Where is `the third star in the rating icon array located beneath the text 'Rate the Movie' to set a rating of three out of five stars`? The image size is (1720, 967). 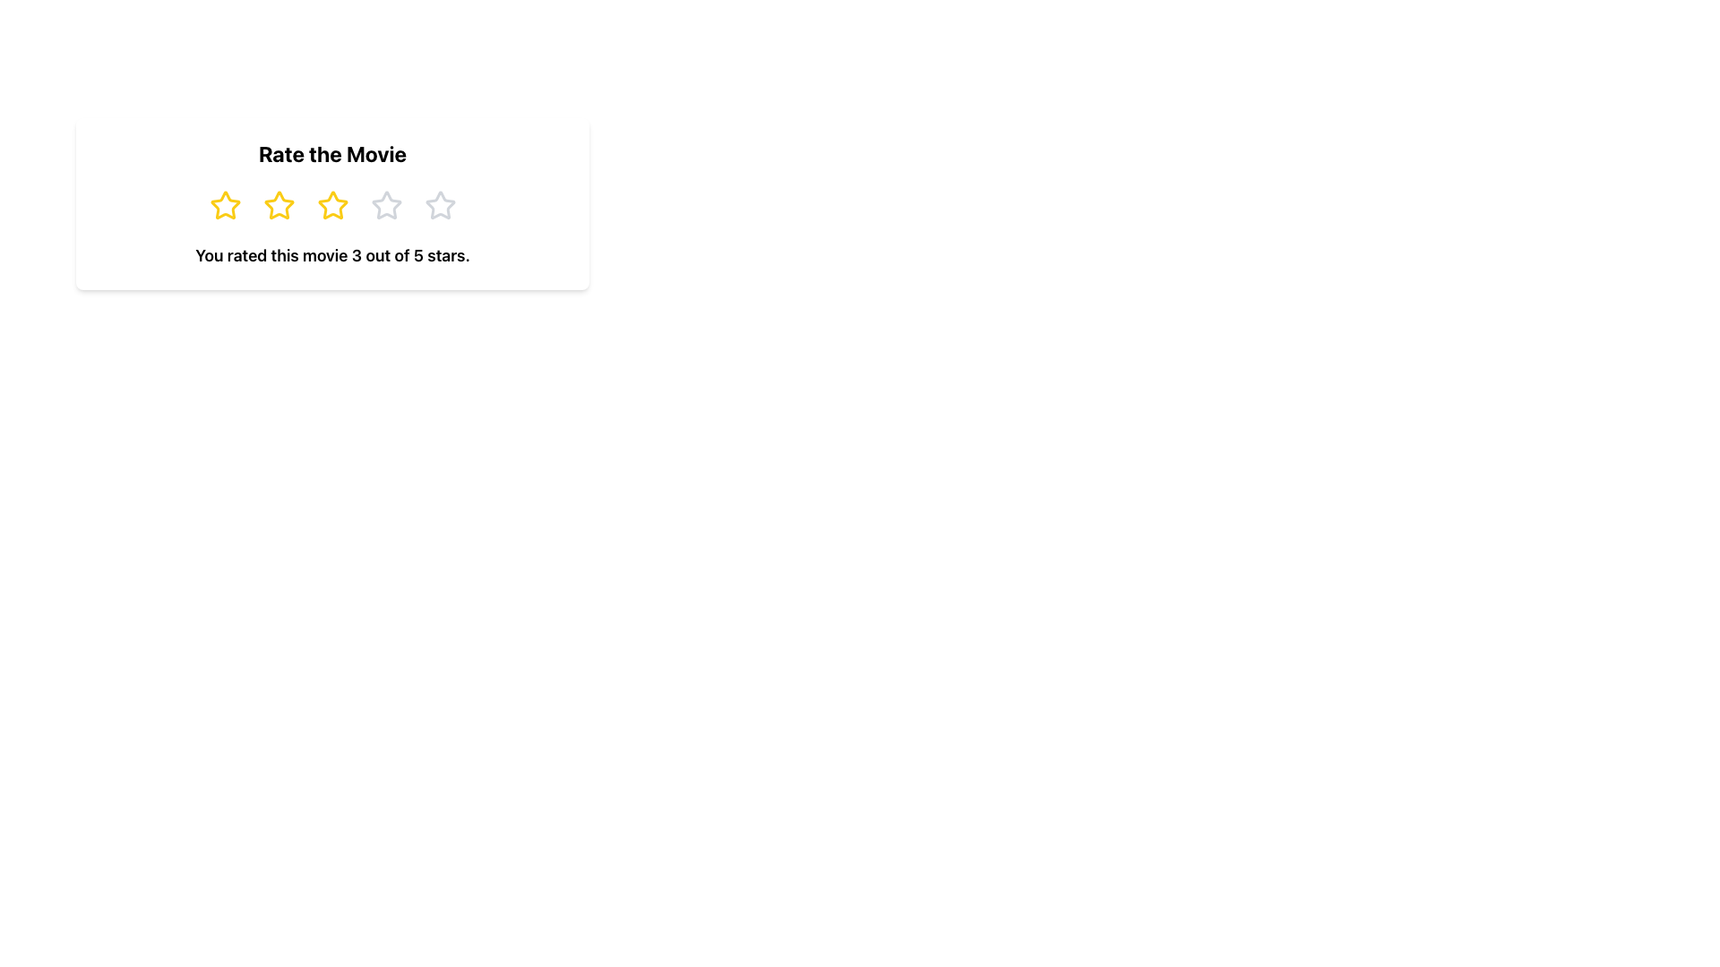 the third star in the rating icon array located beneath the text 'Rate the Movie' to set a rating of three out of five stars is located at coordinates (332, 205).